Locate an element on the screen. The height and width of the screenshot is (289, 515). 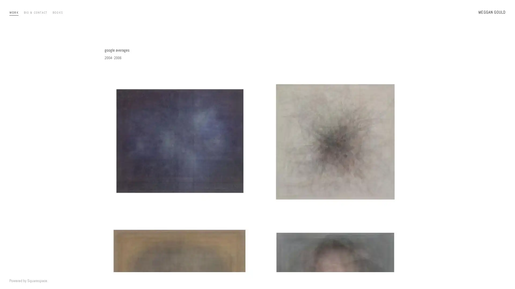
View fullsize black_widow_spider_average.jpg is located at coordinates (335, 141).